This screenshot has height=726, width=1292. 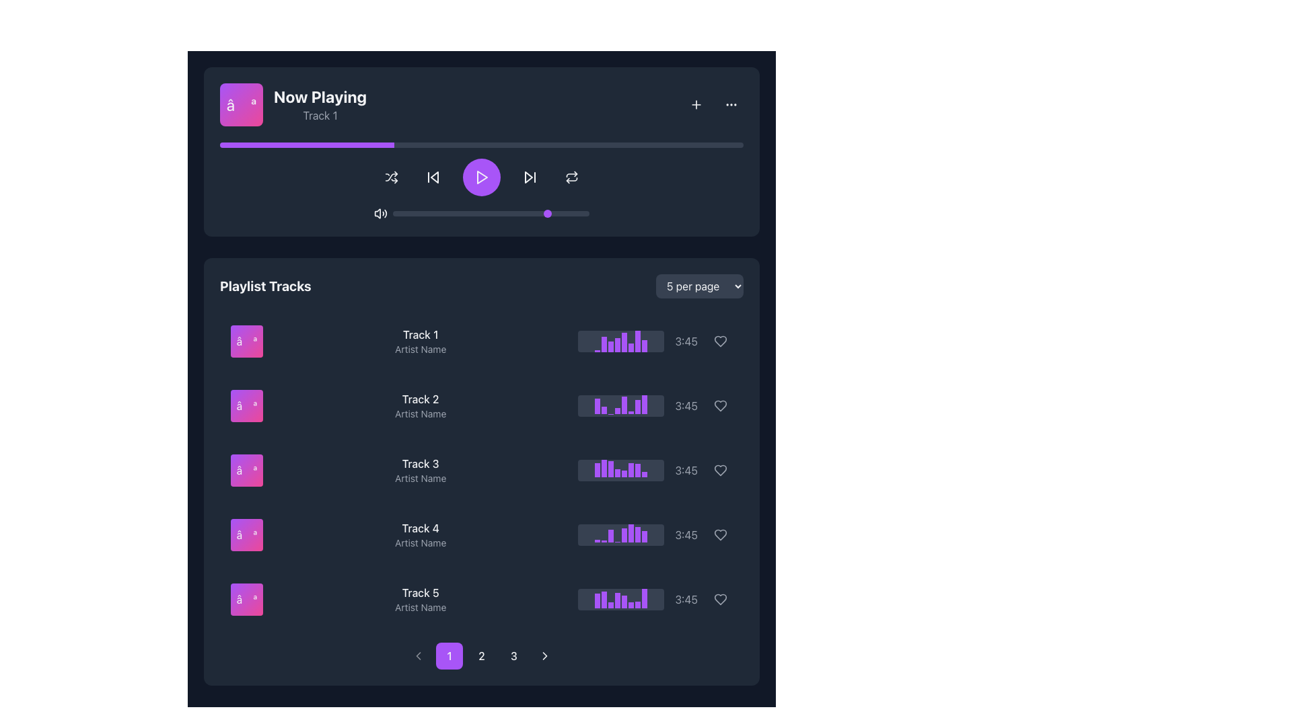 What do you see at coordinates (481, 182) in the screenshot?
I see `the prominent purple circular play button located at the center of the player control bar to play or pause media` at bounding box center [481, 182].